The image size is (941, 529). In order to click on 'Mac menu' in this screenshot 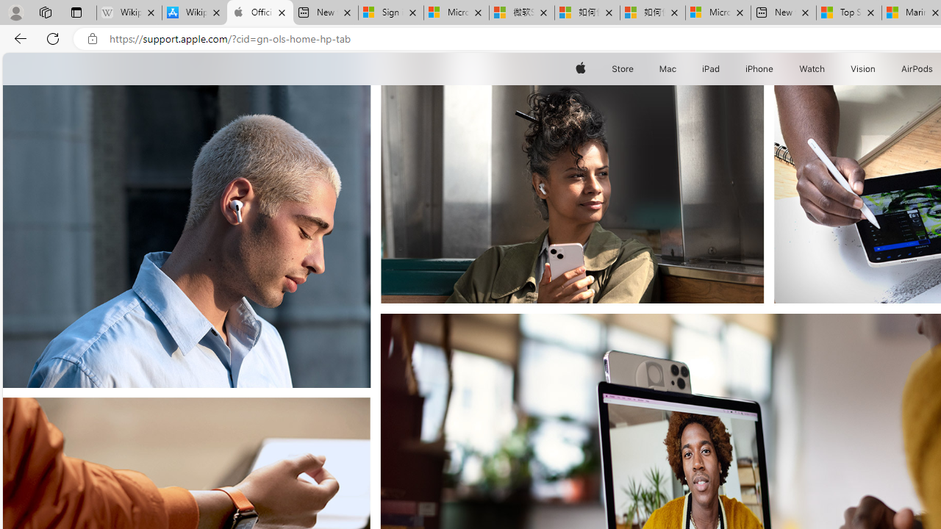, I will do `click(677, 68)`.